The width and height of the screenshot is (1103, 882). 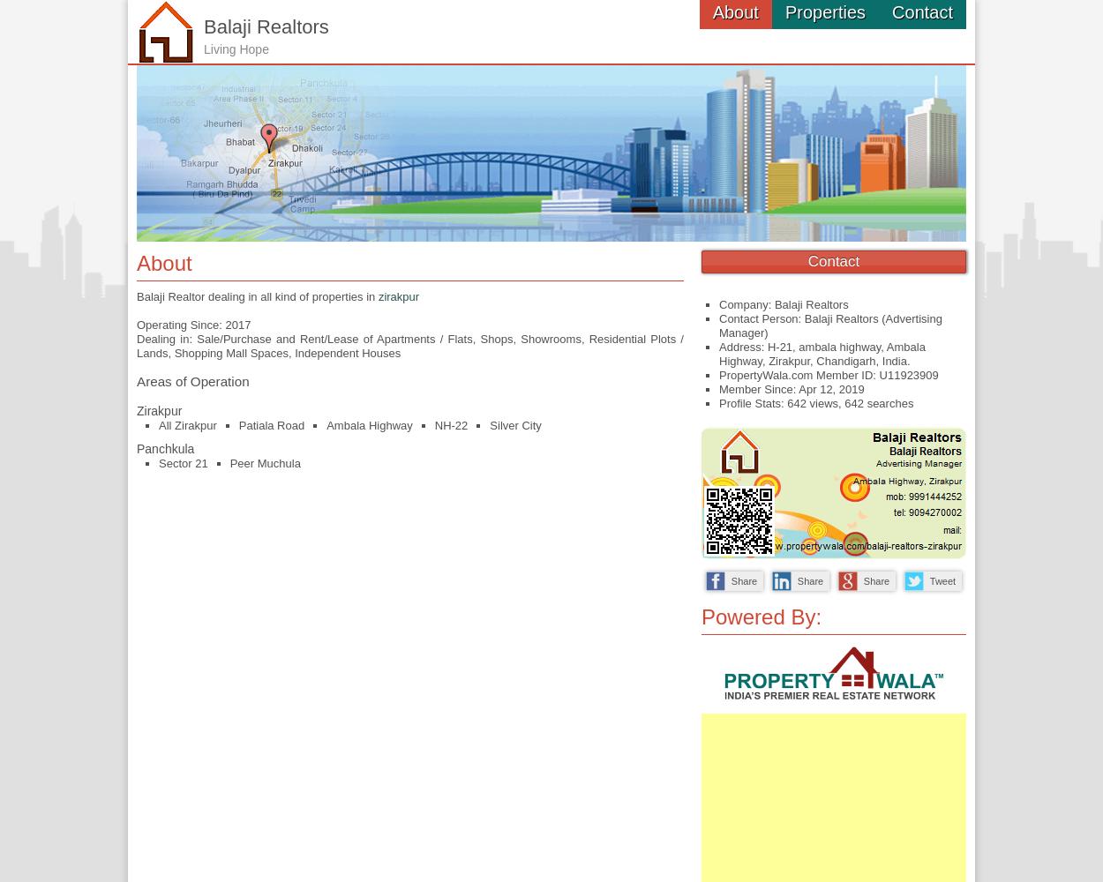 What do you see at coordinates (409, 345) in the screenshot?
I see `'Sale/Purchase and Rent/Lease of  Apartments / Flats, Shops, Showrooms, Residential Plots / Lands, Shopping Mall Spaces, Independent Houses'` at bounding box center [409, 345].